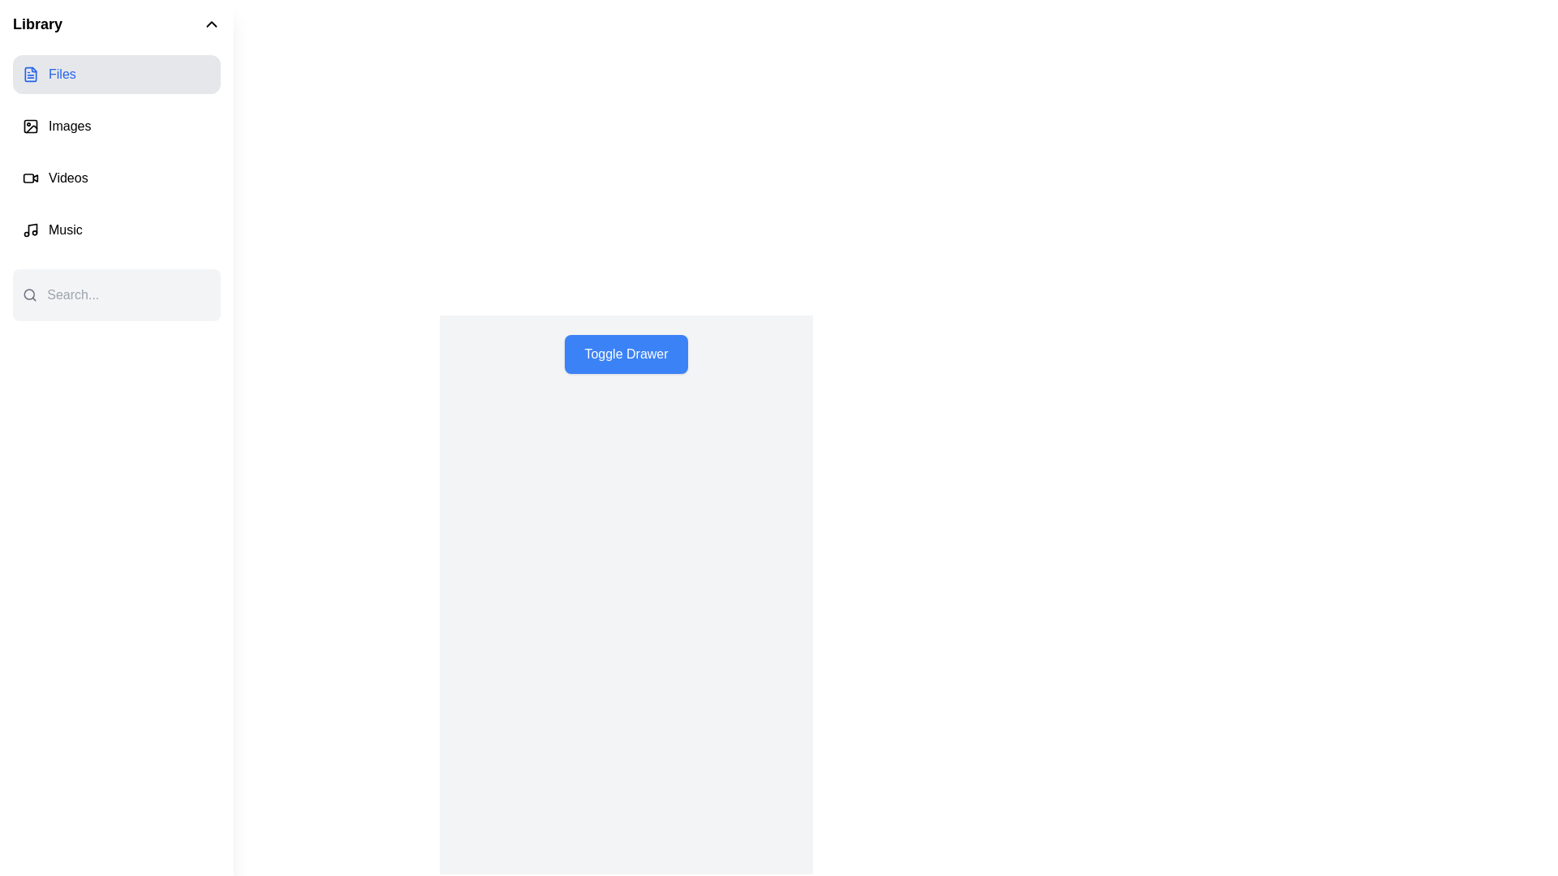  Describe the element at coordinates (31, 75) in the screenshot. I see `the light gray file document icon with a folded corner located in the sidebar next to the 'Files' label` at that location.